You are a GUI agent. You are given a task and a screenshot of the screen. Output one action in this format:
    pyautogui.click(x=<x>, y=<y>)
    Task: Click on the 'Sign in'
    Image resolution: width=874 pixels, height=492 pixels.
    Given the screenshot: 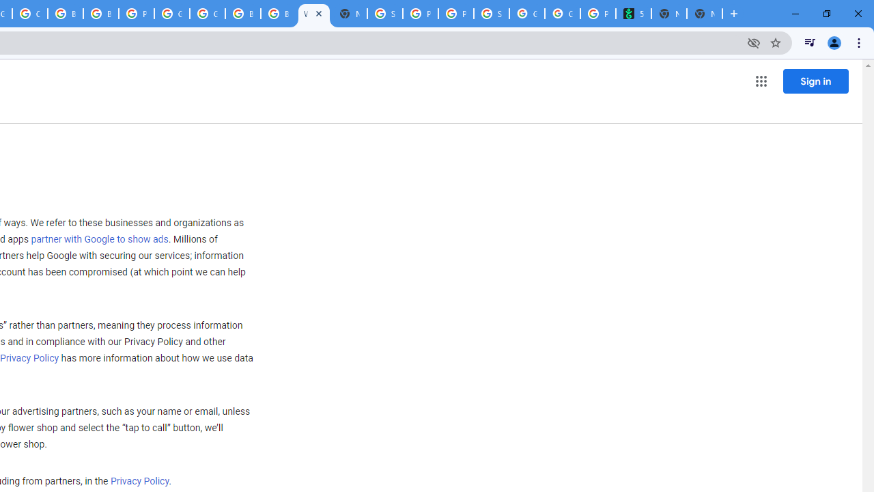 What is the action you would take?
    pyautogui.click(x=815, y=81)
    